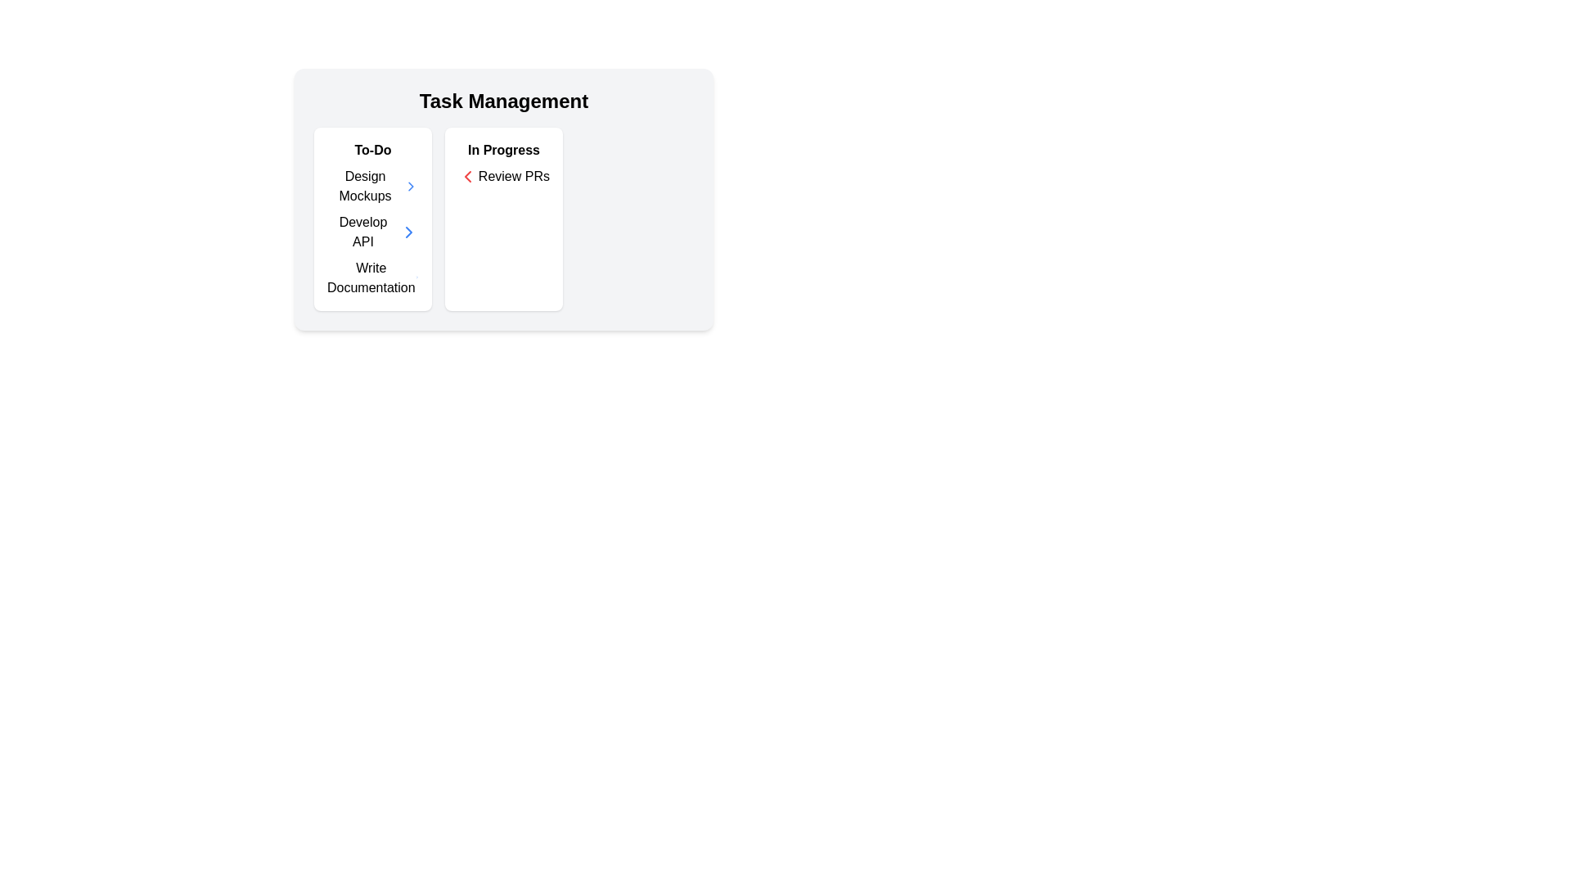 This screenshot has width=1571, height=884. Describe the element at coordinates (411, 185) in the screenshot. I see `the Chevron Icon located in the 'To-Do' section next to the 'Design Mockups' text to change its color` at that location.